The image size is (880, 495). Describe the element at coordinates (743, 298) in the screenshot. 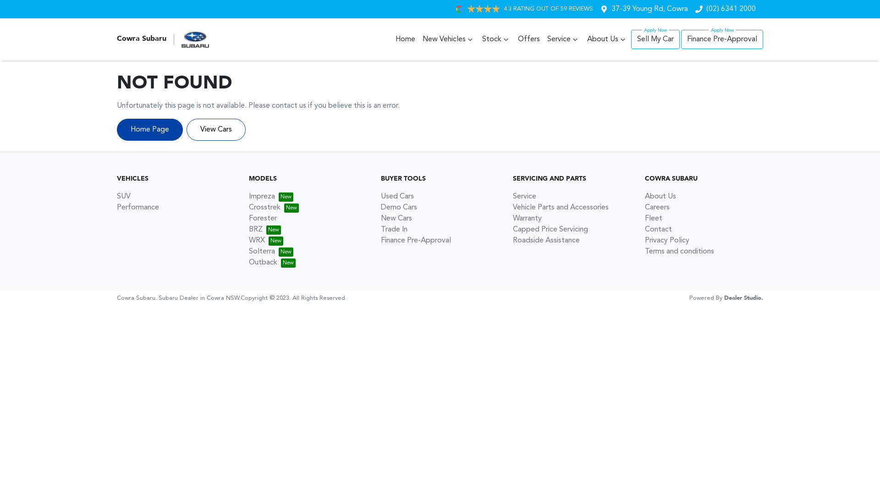

I see `'Dealer Studio.'` at that location.